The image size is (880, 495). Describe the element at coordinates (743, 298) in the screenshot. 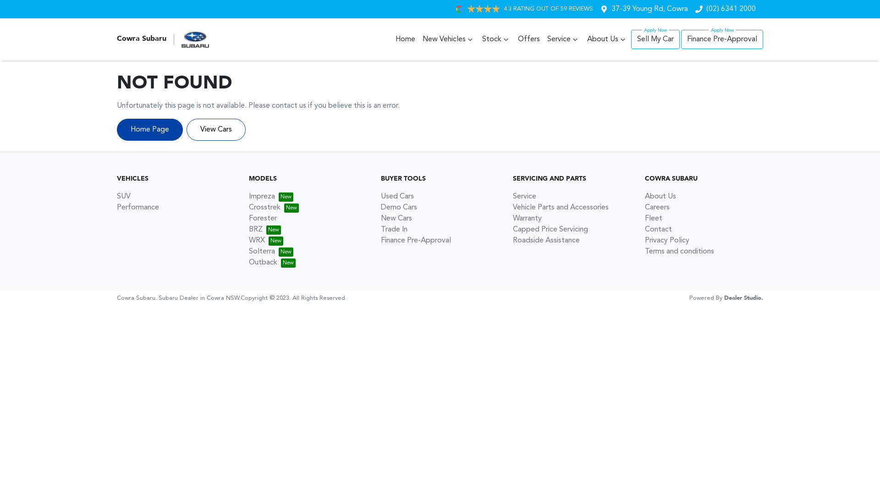

I see `'Dealer Studio.'` at that location.